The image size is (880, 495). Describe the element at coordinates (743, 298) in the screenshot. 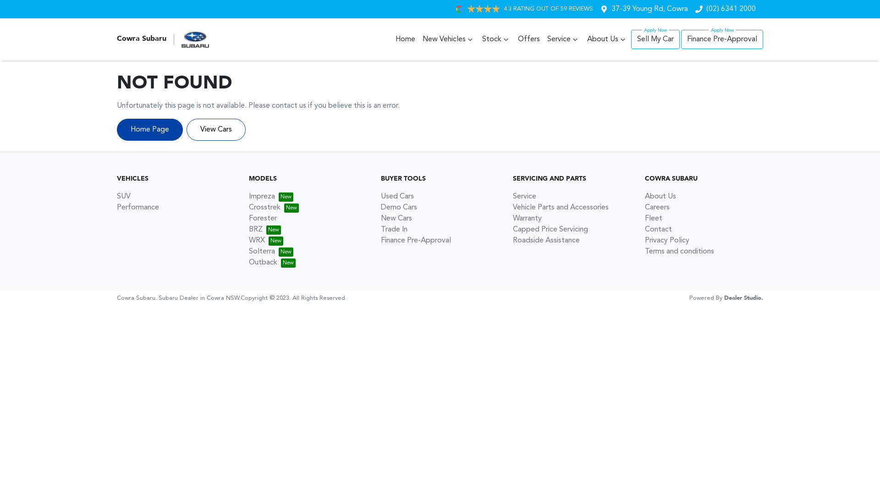

I see `'Dealer Studio.'` at that location.